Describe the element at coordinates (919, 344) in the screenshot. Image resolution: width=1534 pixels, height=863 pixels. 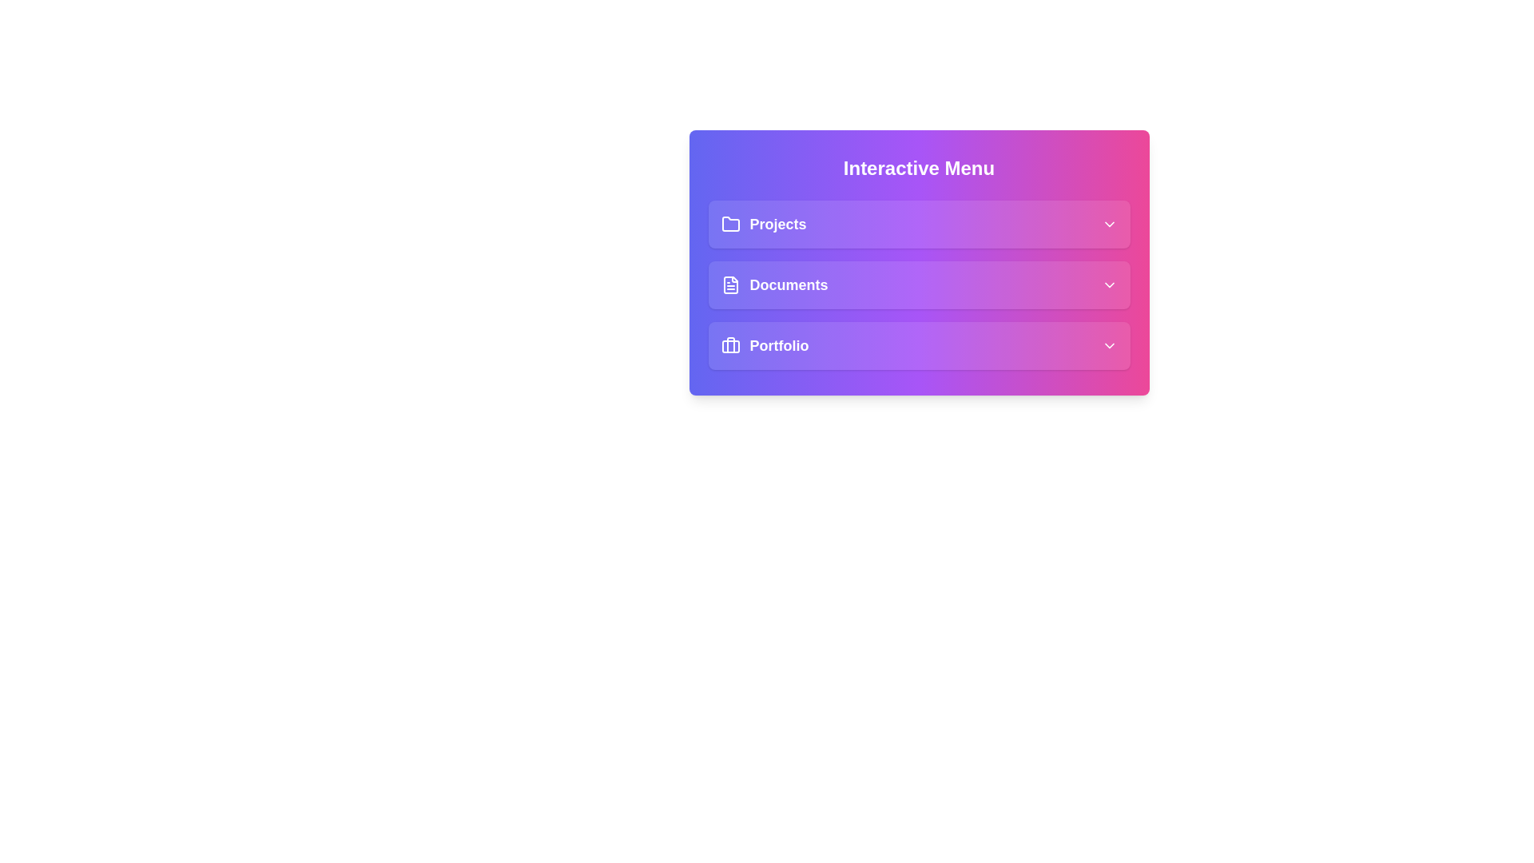
I see `the third entry in the vertical list of the interactive menu, which is located below the 'Documents' entry and reveals options related to 'Portfolio'` at that location.